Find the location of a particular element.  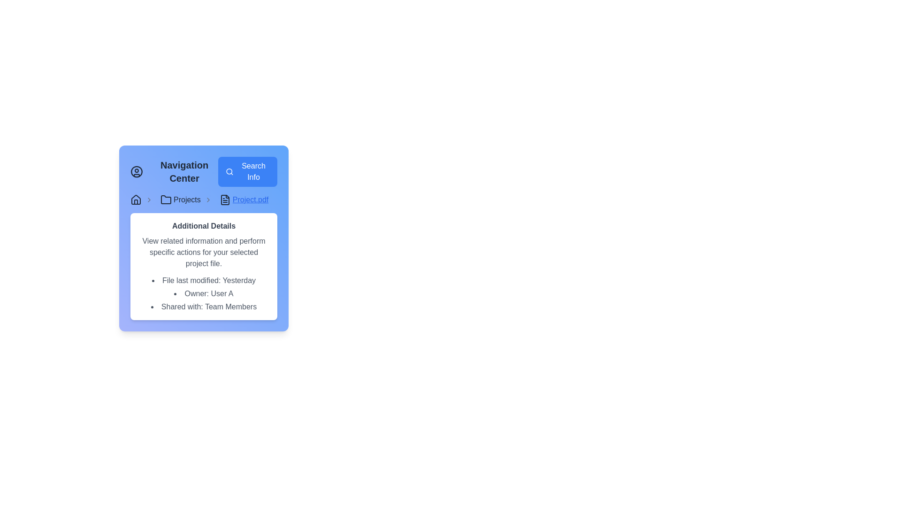

the folder icon located in the navigation bar, positioned between the home icon and the 'Projects' text label is located at coordinates (166, 199).